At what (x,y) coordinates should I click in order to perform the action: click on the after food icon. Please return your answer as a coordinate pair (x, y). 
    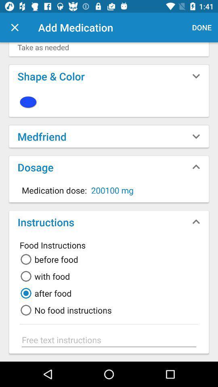
    Looking at the image, I should click on (44, 293).